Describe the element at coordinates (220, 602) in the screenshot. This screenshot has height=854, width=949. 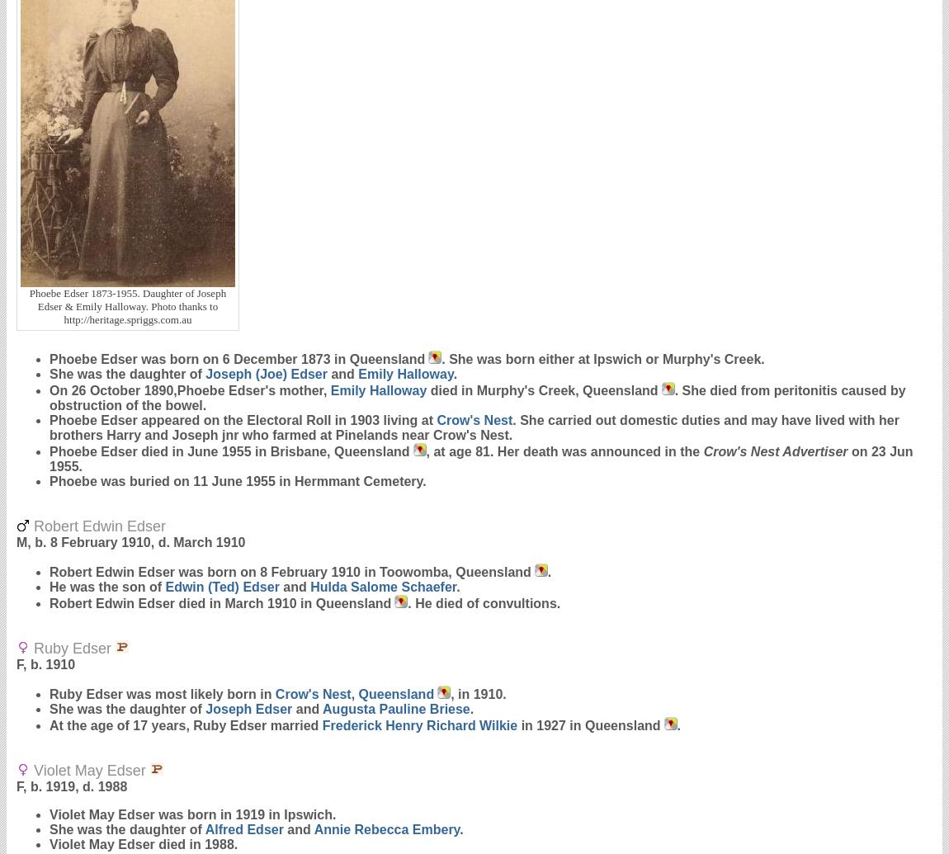
I see `'Robert Edwin Edser died in March 1910 in Queensland'` at that location.